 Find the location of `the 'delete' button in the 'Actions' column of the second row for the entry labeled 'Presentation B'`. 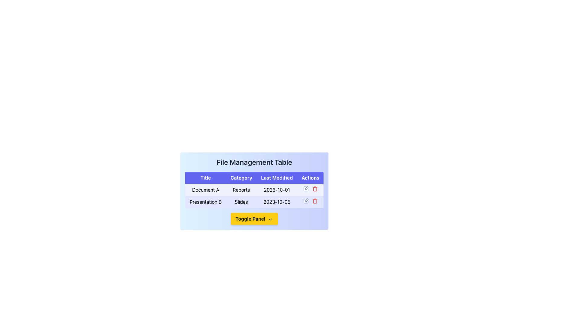

the 'delete' button in the 'Actions' column of the second row for the entry labeled 'Presentation B' is located at coordinates (314, 201).